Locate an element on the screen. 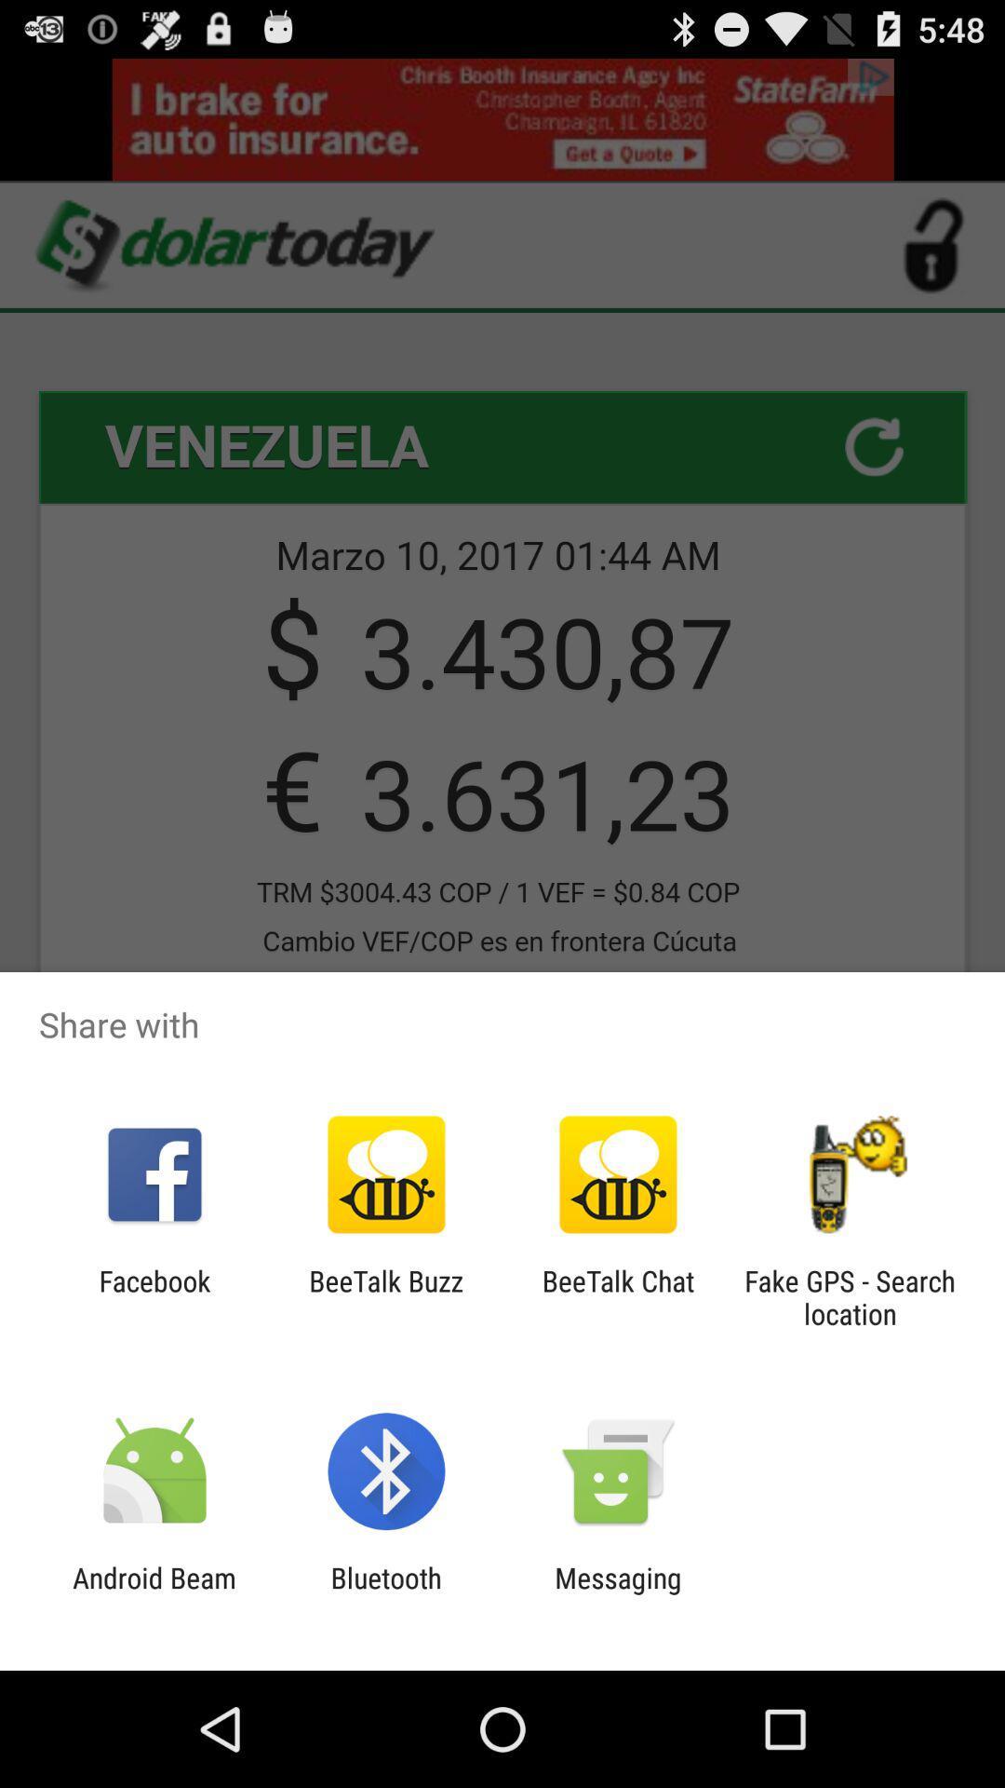 Image resolution: width=1005 pixels, height=1788 pixels. app next to bluetooth item is located at coordinates (154, 1593).